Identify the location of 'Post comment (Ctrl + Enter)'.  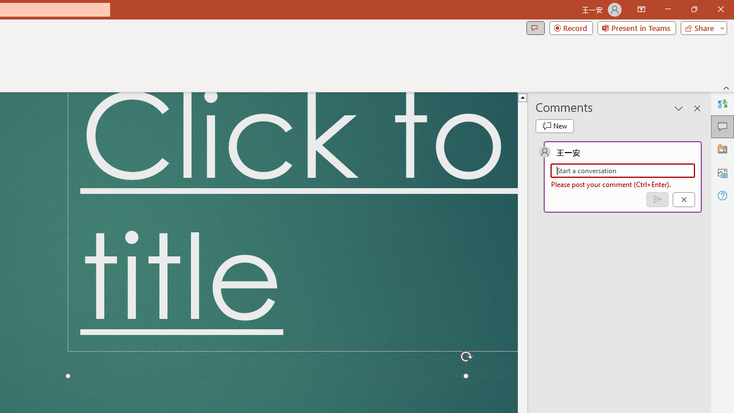
(657, 198).